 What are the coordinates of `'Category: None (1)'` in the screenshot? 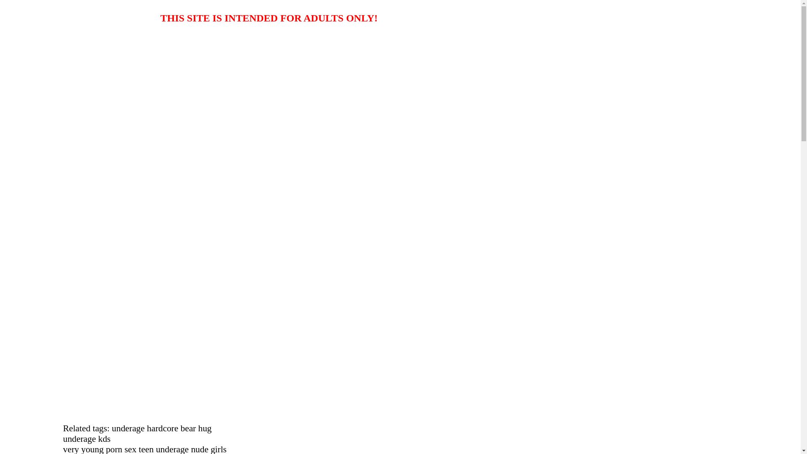 It's located at (46, 267).